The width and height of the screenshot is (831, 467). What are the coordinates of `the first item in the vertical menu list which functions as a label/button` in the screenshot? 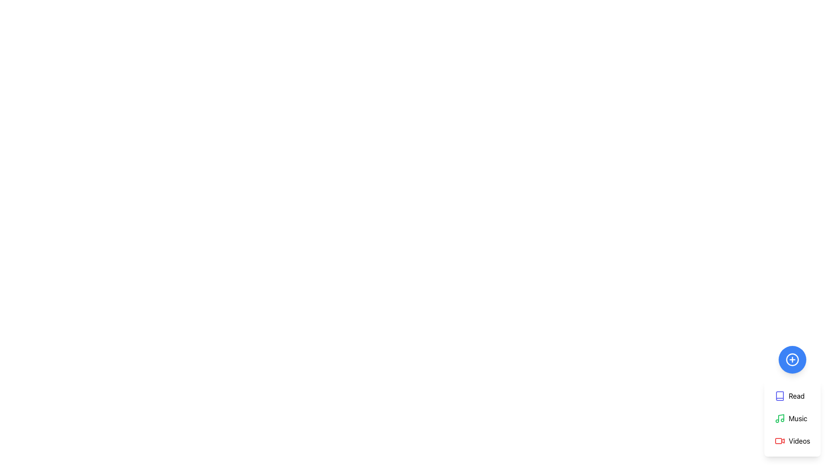 It's located at (796, 396).